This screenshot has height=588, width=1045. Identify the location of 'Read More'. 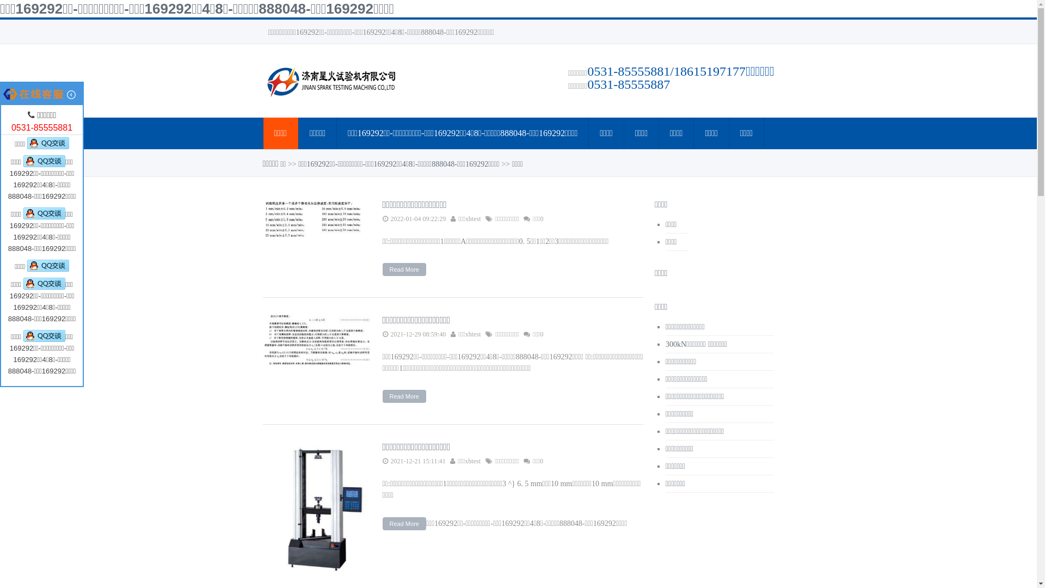
(403, 269).